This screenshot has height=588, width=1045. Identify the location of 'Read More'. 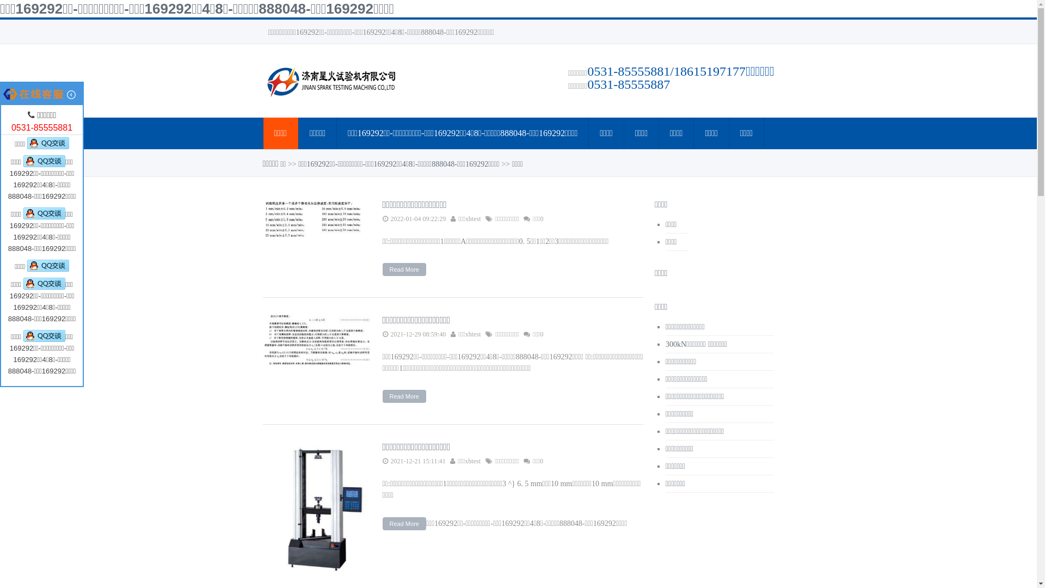
(403, 269).